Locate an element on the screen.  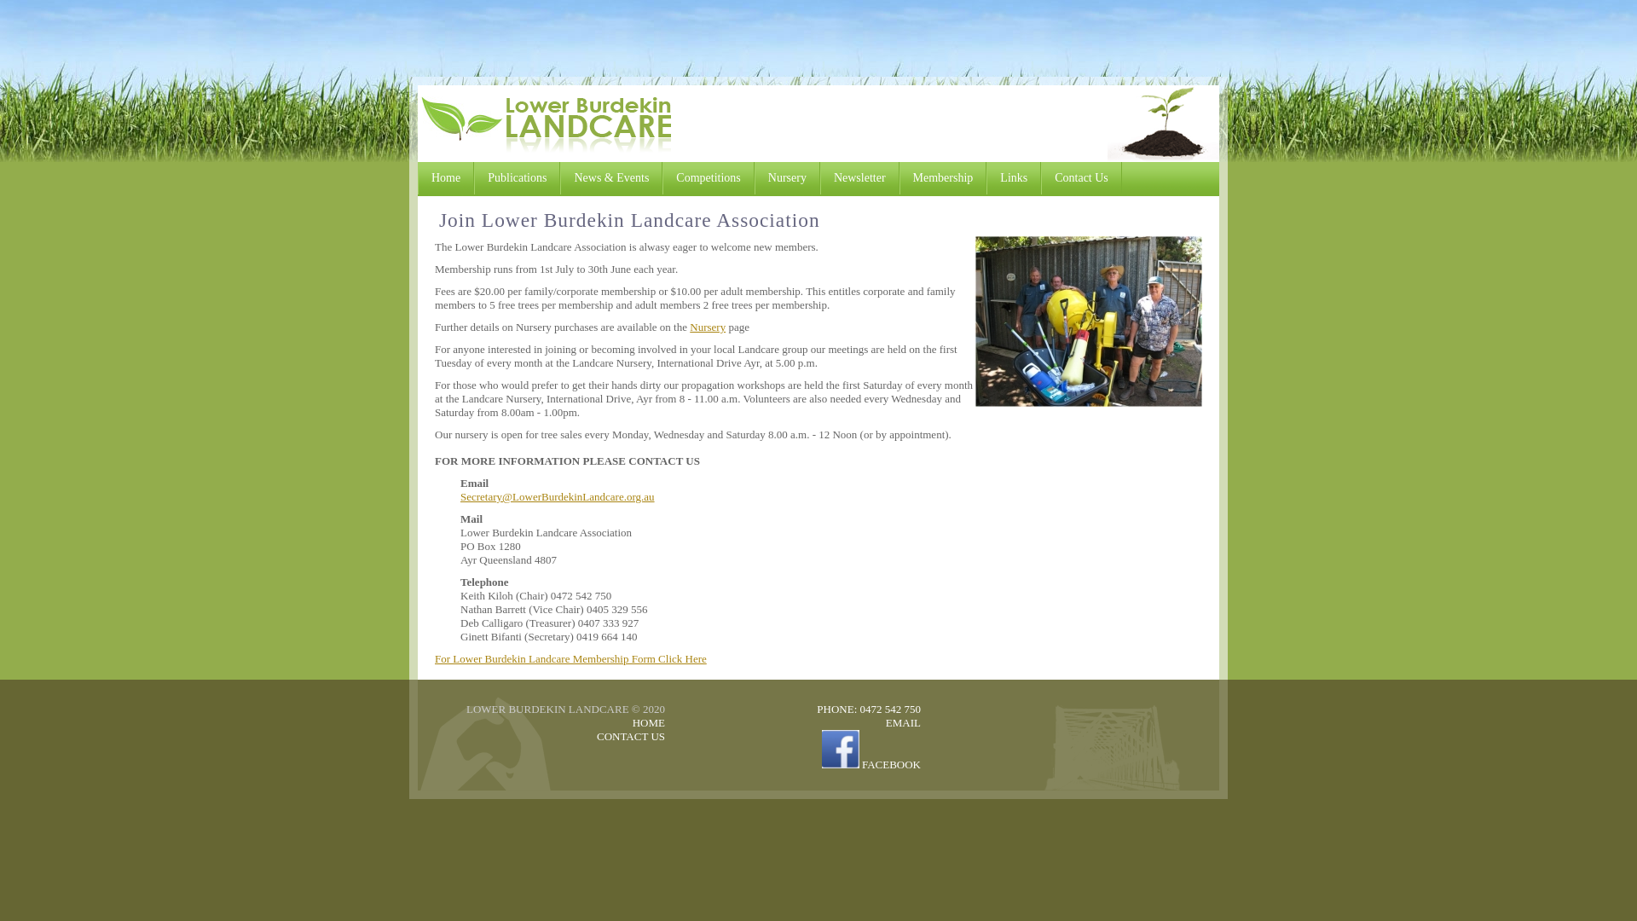
'Membership' is located at coordinates (942, 177).